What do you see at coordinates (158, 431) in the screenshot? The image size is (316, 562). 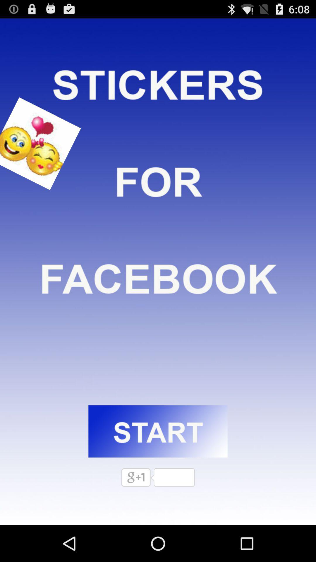 I see `start` at bounding box center [158, 431].